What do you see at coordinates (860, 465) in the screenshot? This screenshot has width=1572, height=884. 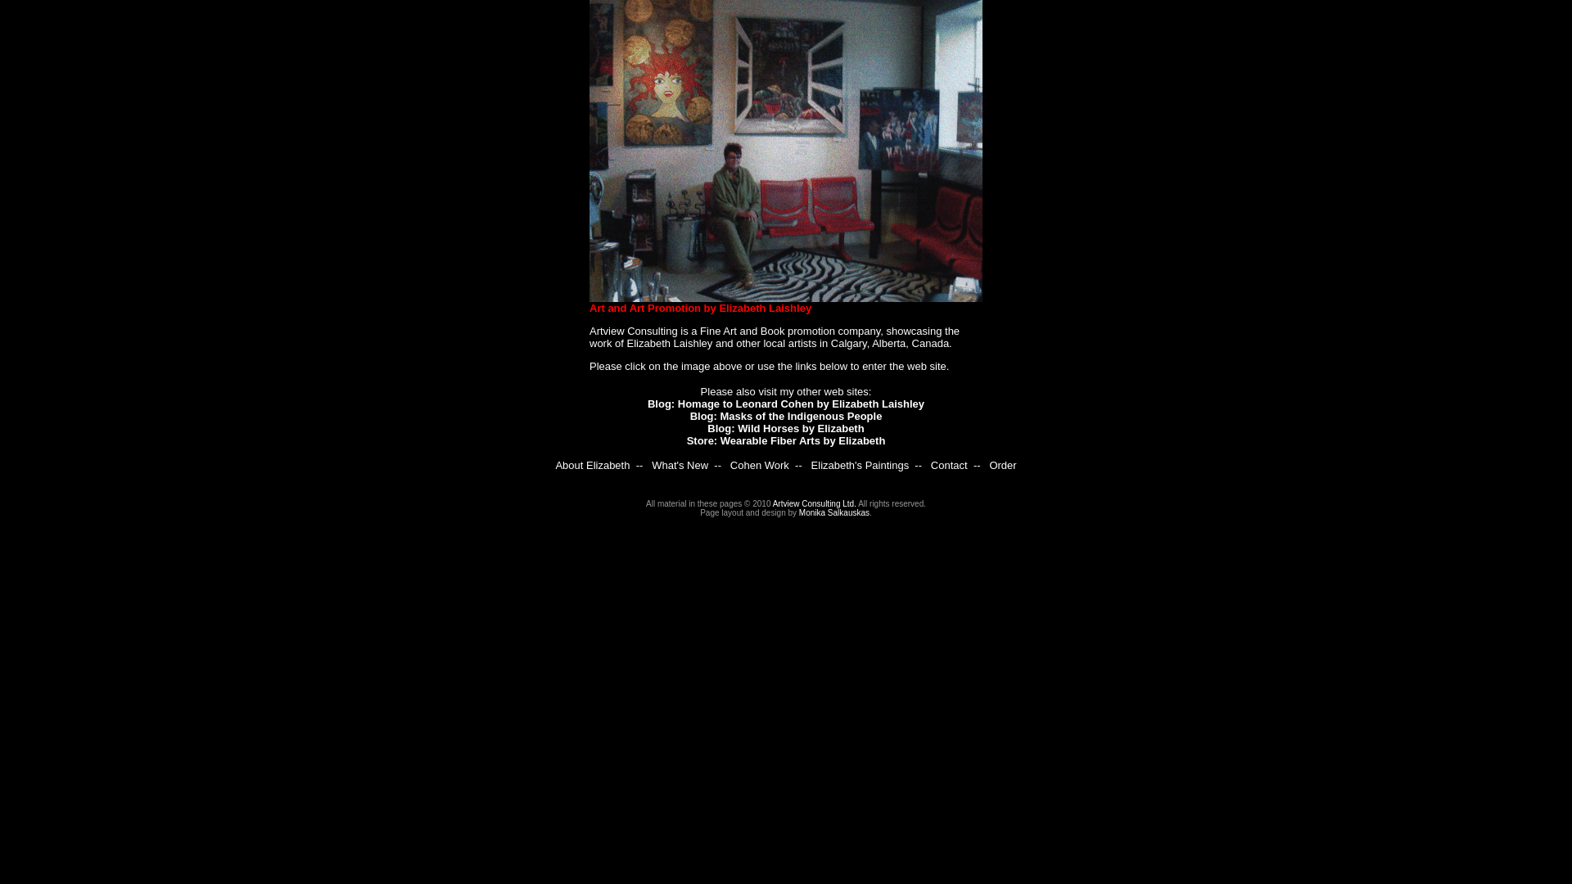 I see `'Elizabeth's Paintings'` at bounding box center [860, 465].